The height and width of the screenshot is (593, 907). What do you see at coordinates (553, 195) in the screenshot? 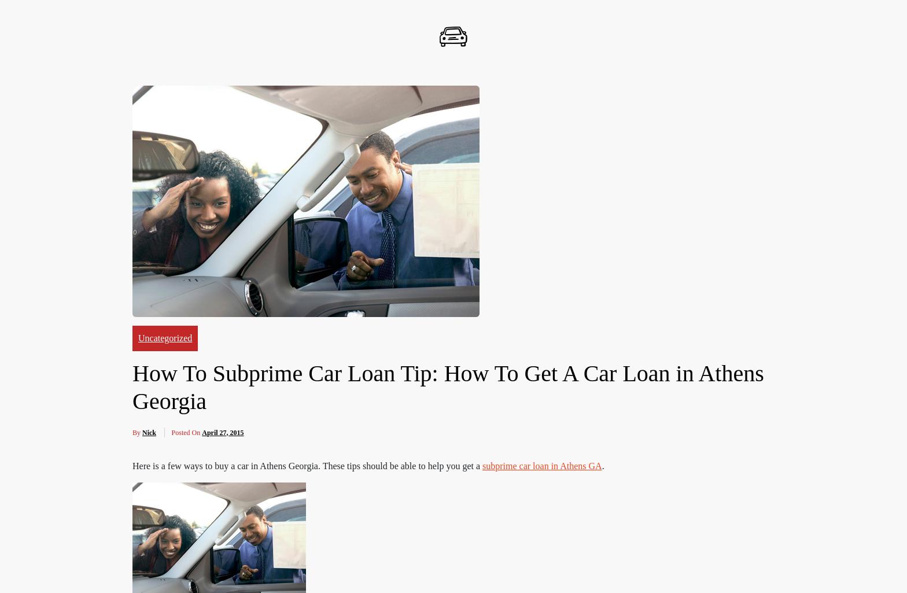
I see `'Apply now'` at bounding box center [553, 195].